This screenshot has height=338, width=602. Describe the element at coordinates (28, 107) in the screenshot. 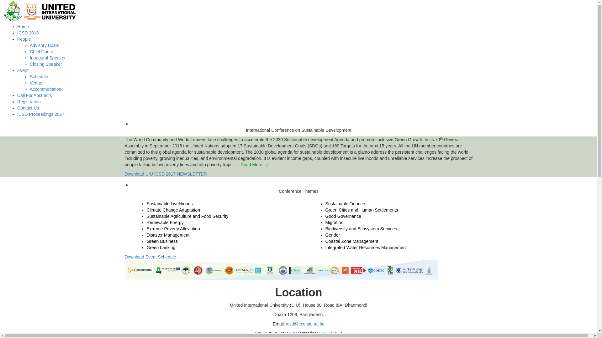

I see `'Contact Us'` at that location.